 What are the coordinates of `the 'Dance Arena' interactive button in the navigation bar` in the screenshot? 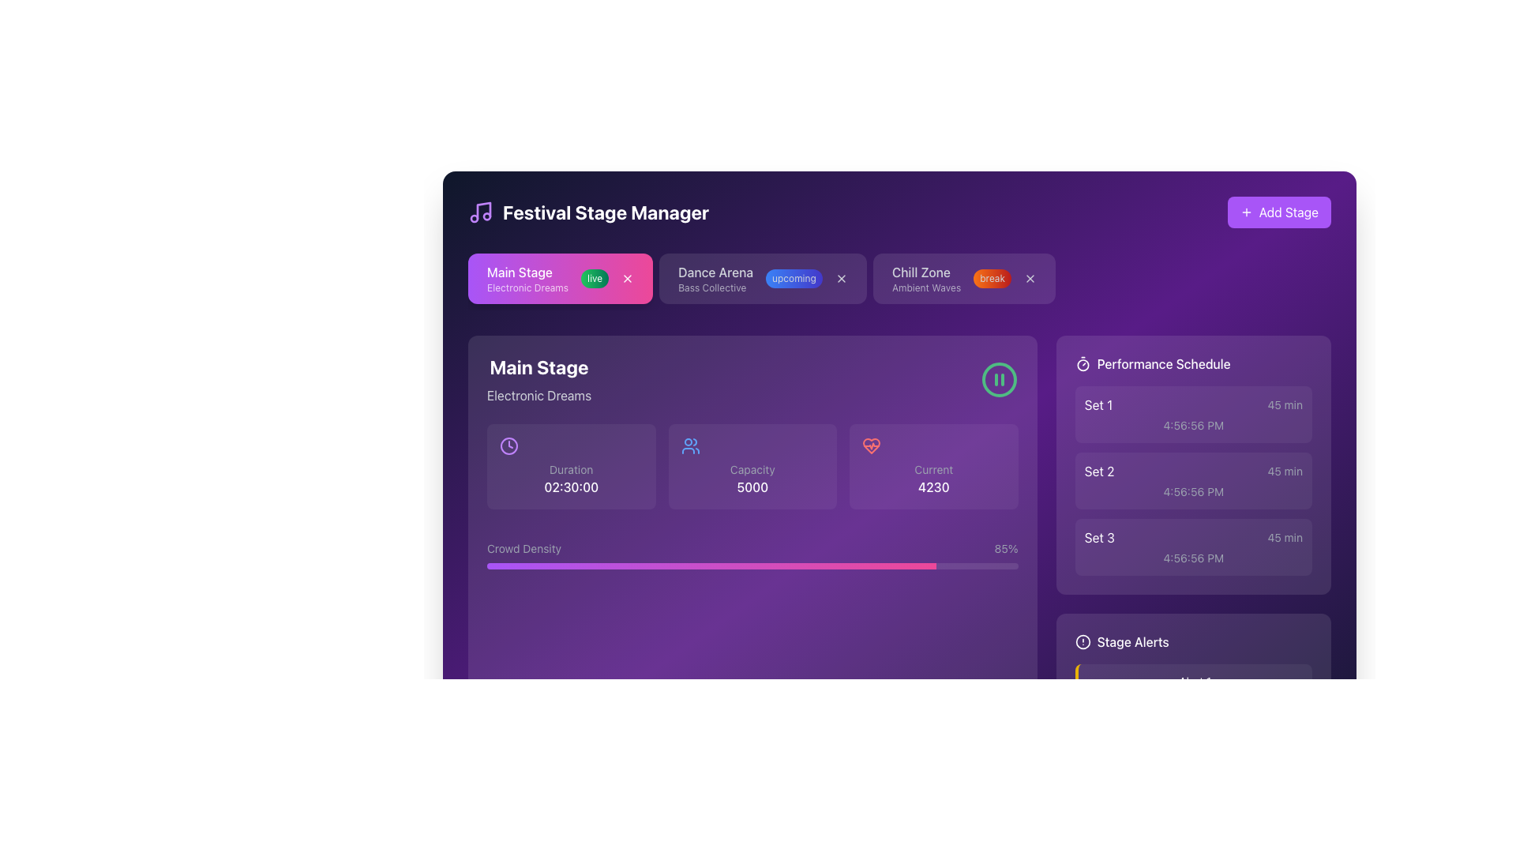 It's located at (763, 278).